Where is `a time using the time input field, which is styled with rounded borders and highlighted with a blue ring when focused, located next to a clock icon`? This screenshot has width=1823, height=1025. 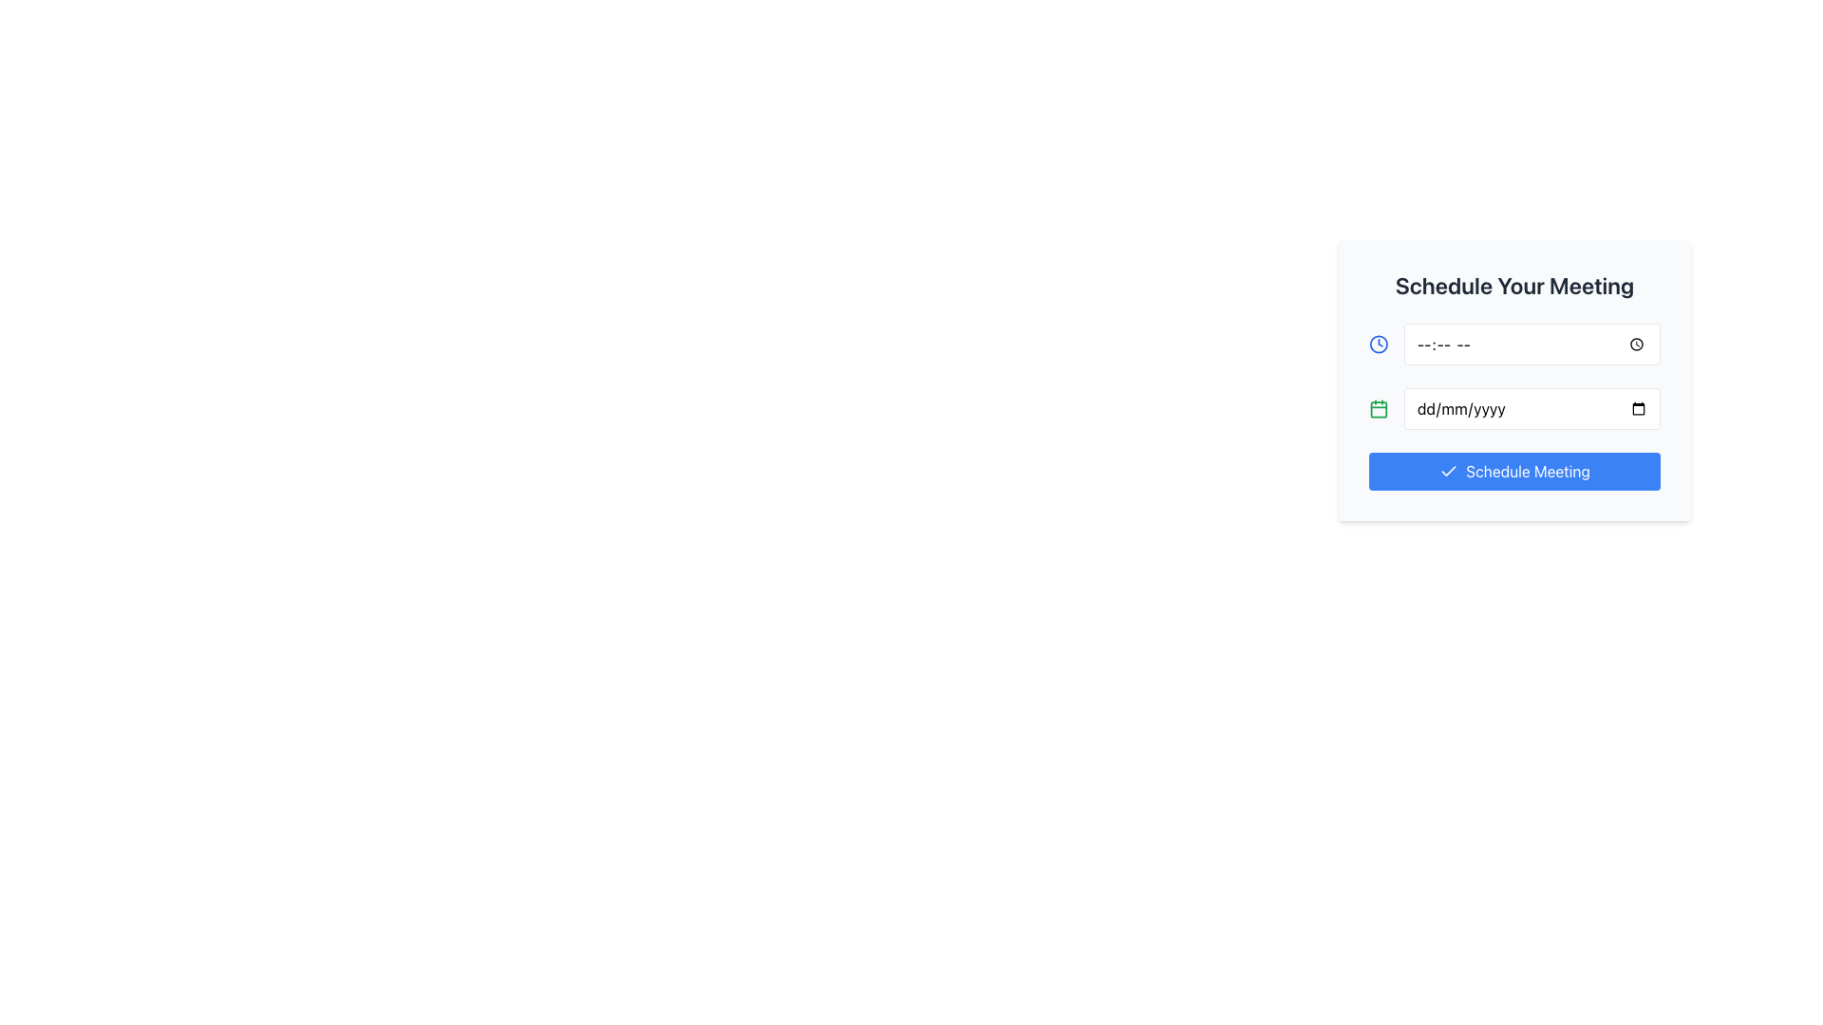 a time using the time input field, which is styled with rounded borders and highlighted with a blue ring when focused, located next to a clock icon is located at coordinates (1532, 344).